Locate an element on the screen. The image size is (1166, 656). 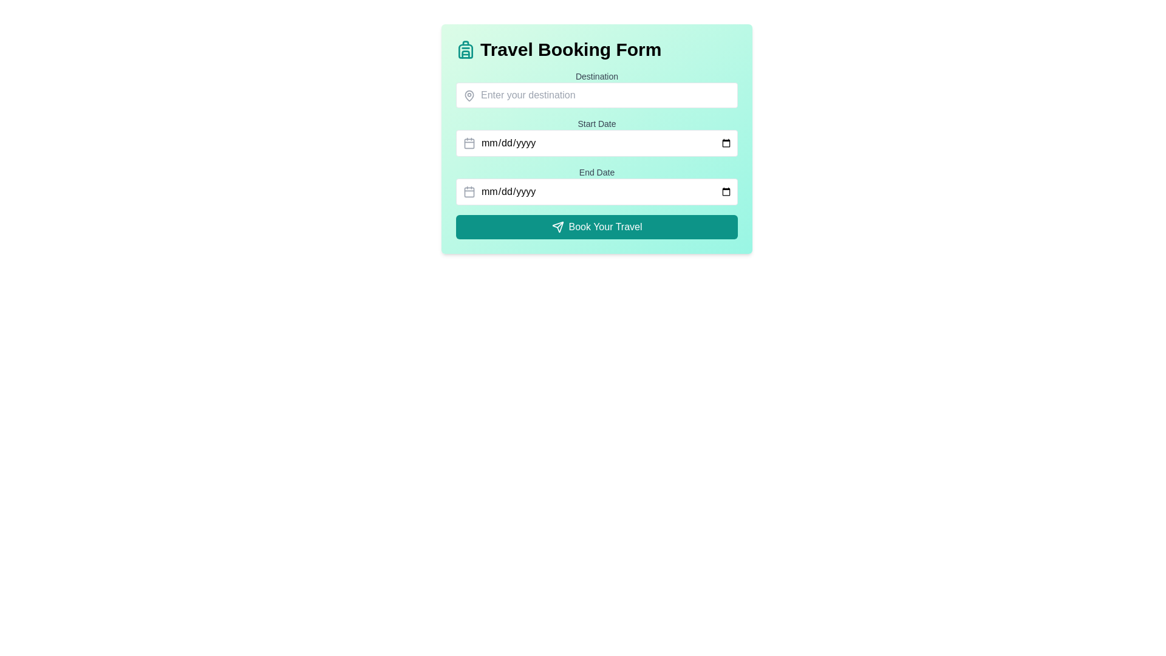
the rectangular shape within the calendar icon that is part of the 'Start Date' input field, which is styled with rounded corners and positioned symmetrically within the calendar visual is located at coordinates (468, 142).